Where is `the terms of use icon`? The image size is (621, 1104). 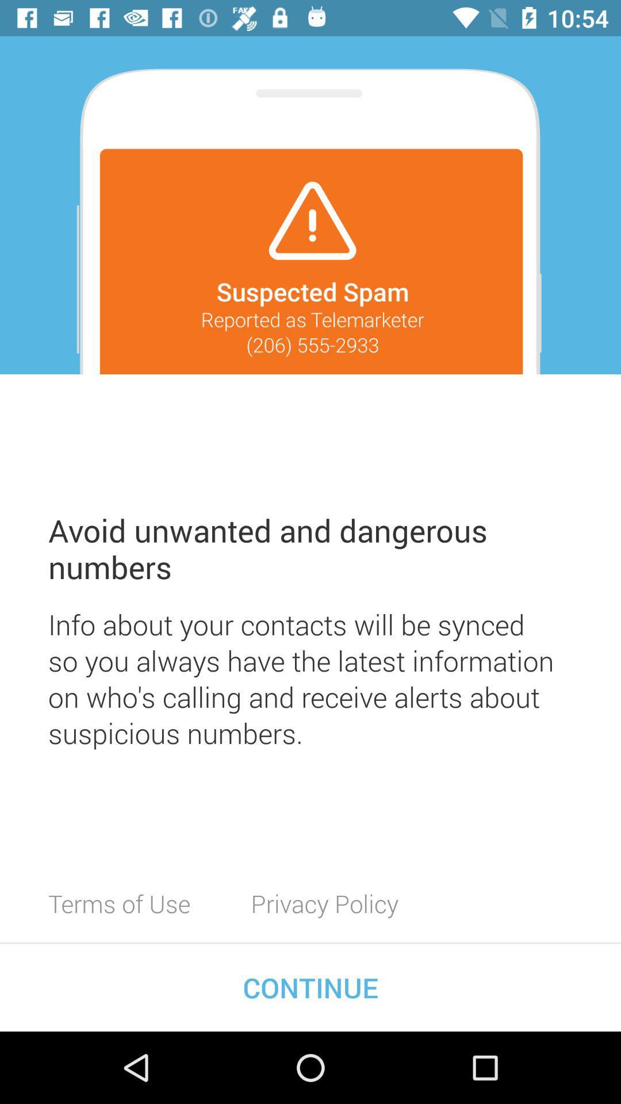
the terms of use icon is located at coordinates (119, 903).